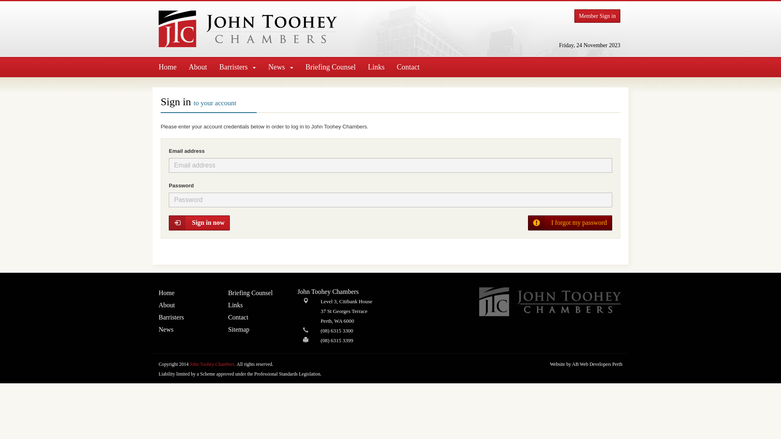  What do you see at coordinates (256, 317) in the screenshot?
I see `'Contact'` at bounding box center [256, 317].